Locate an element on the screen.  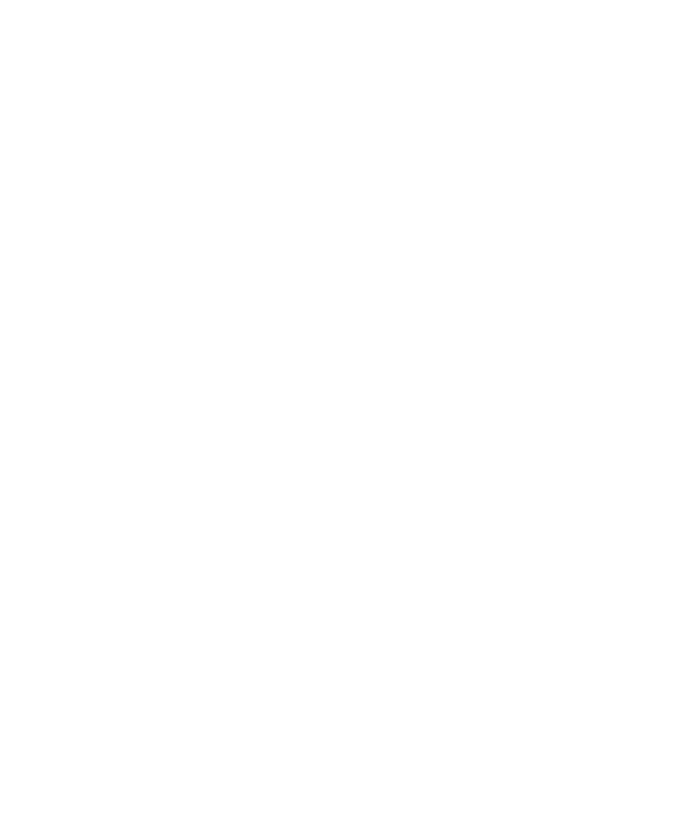
'Japanese Fireworks Continue as the Market Turns to the FOMC' is located at coordinates (142, 409).